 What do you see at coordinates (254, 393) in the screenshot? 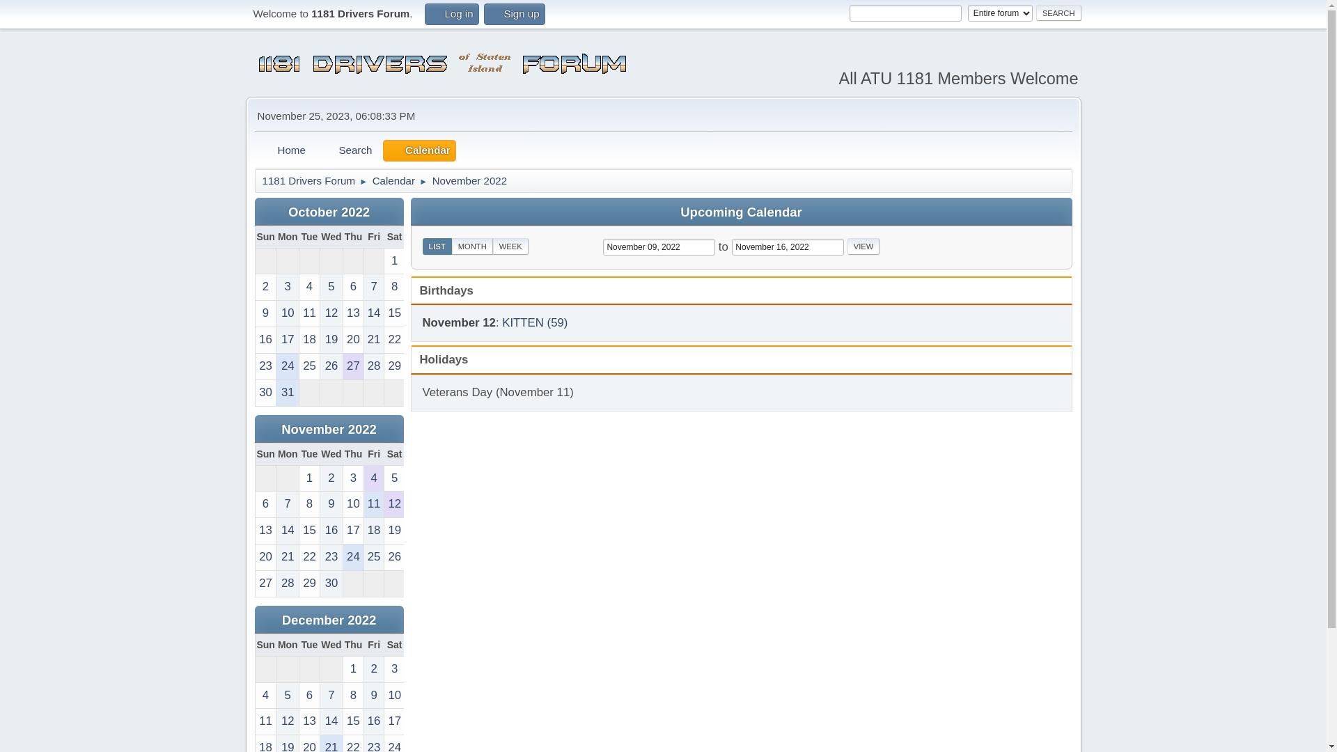
I see `'30'` at bounding box center [254, 393].